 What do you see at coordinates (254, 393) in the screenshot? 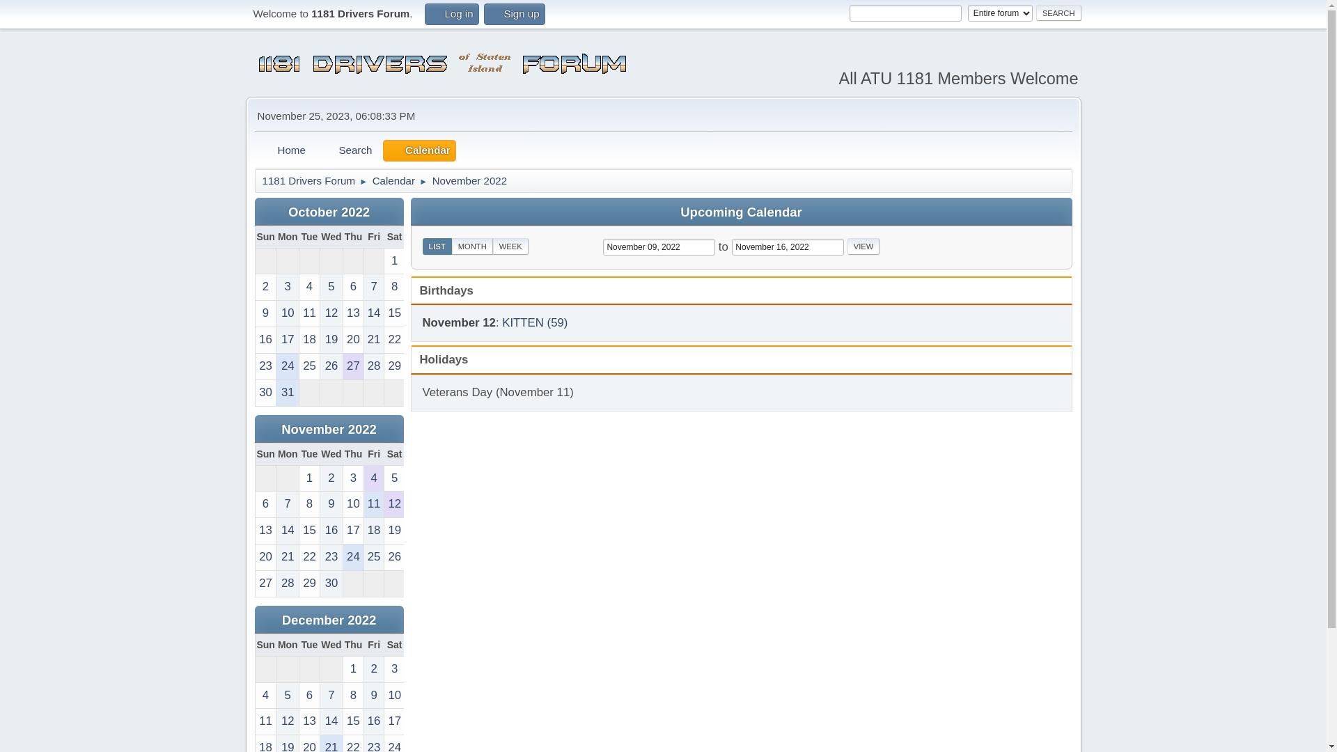
I see `'30'` at bounding box center [254, 393].